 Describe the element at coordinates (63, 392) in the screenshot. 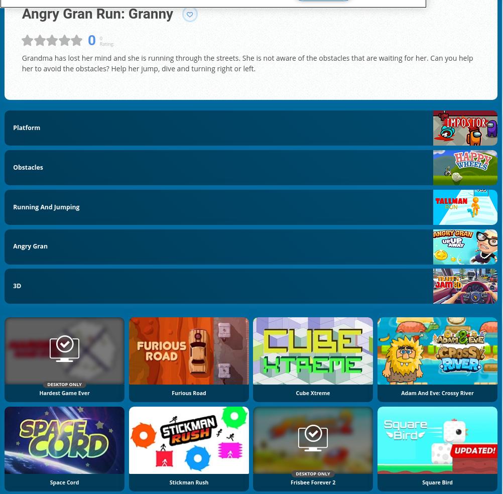

I see `'Hardest Game Ever'` at that location.